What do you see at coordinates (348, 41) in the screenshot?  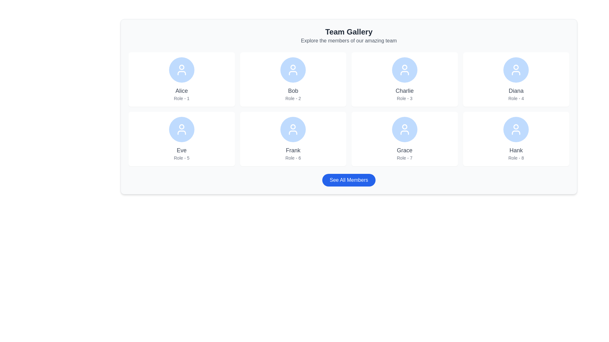 I see `the descriptive text for the 'Team Gallery' section, which is located directly below the main title and above the team members content area` at bounding box center [348, 41].